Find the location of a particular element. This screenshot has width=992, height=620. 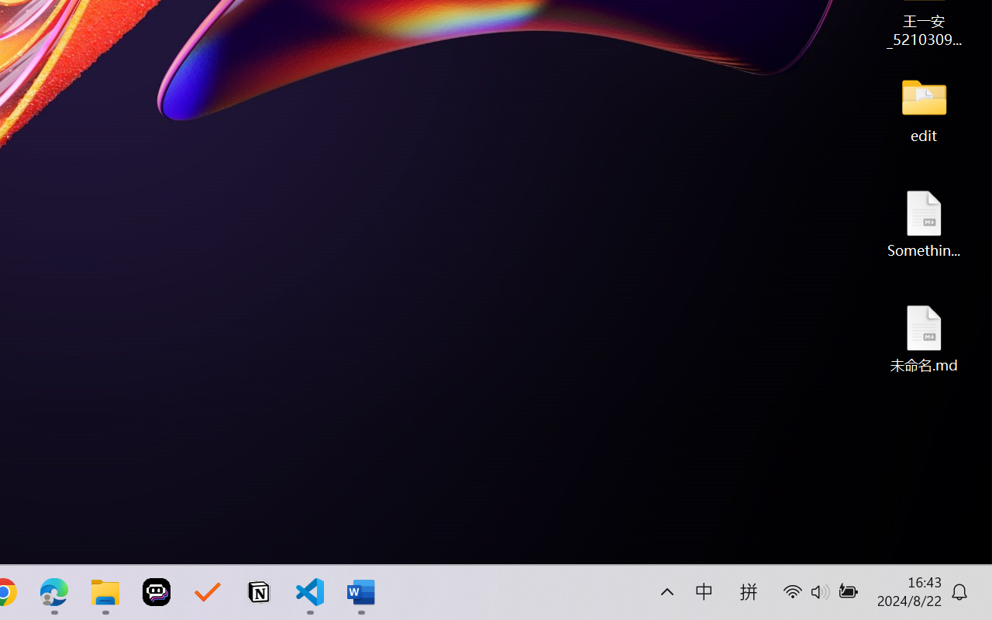

'edit' is located at coordinates (924, 108).